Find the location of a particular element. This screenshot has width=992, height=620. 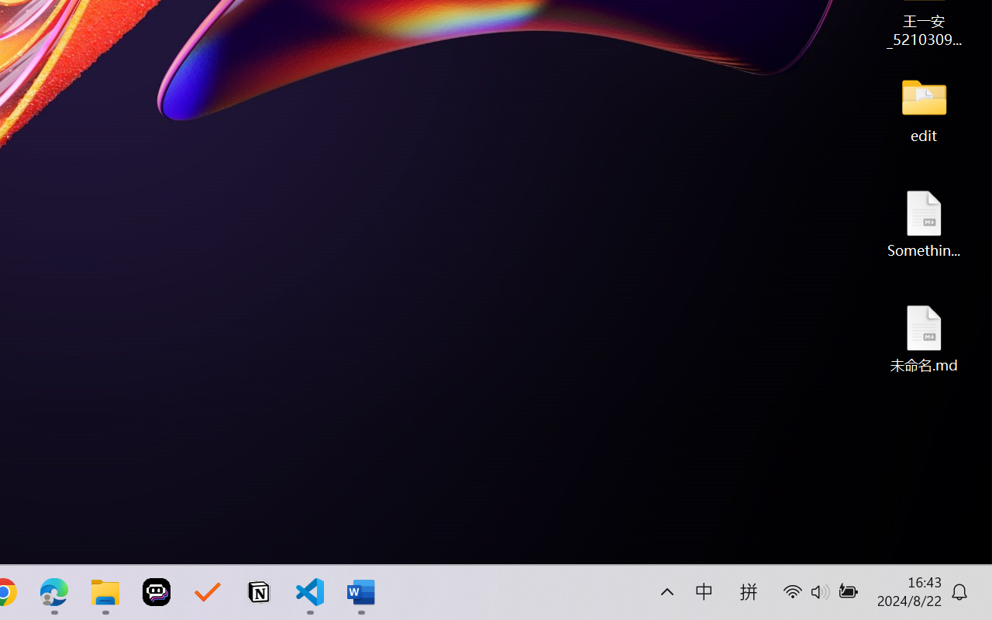

'edit' is located at coordinates (924, 108).